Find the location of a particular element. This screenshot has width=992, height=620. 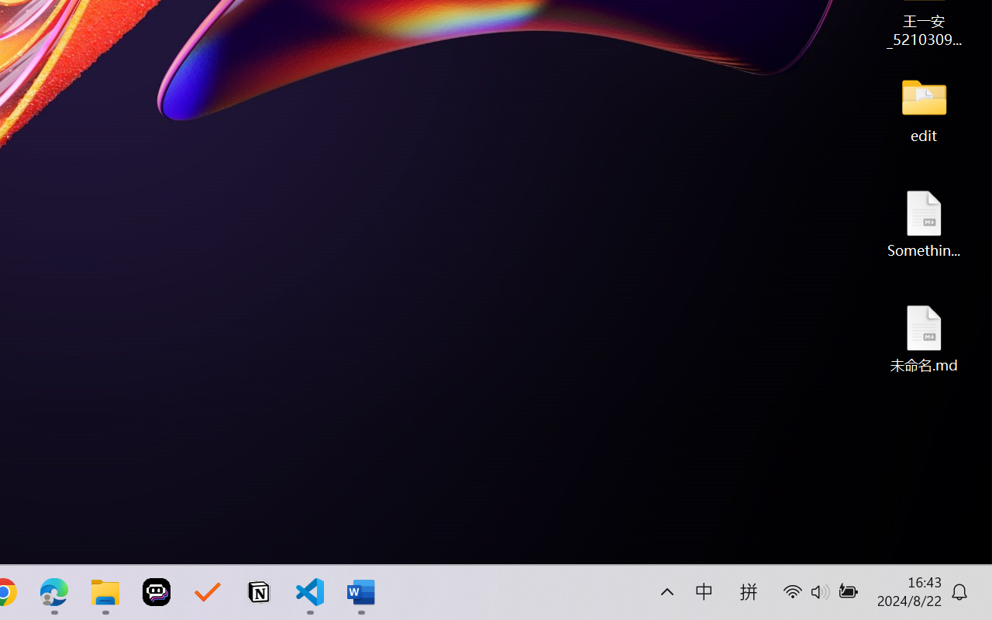

'edit' is located at coordinates (924, 108).